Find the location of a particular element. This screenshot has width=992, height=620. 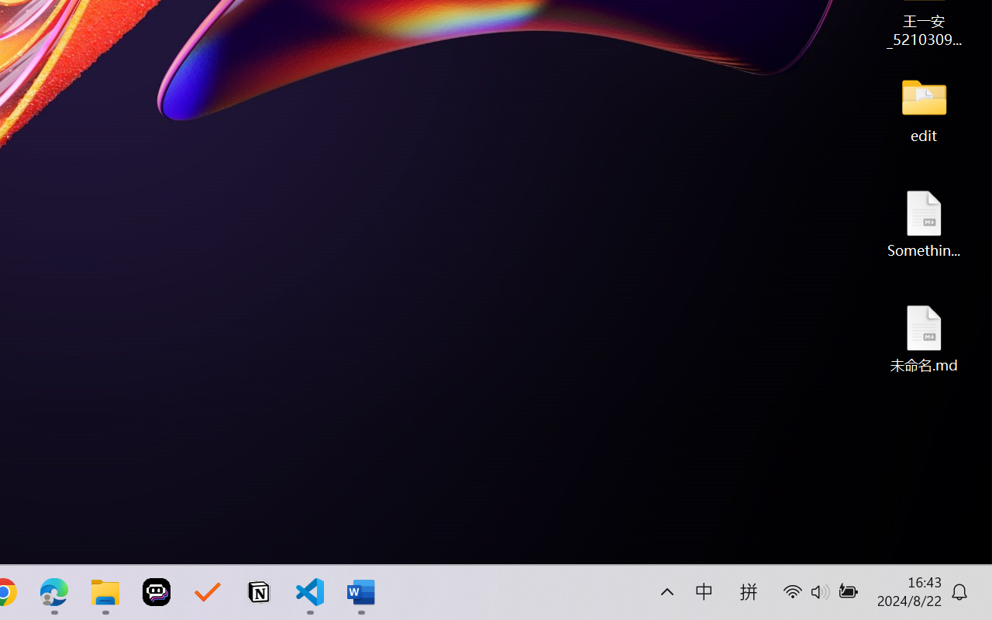

'edit' is located at coordinates (924, 108).